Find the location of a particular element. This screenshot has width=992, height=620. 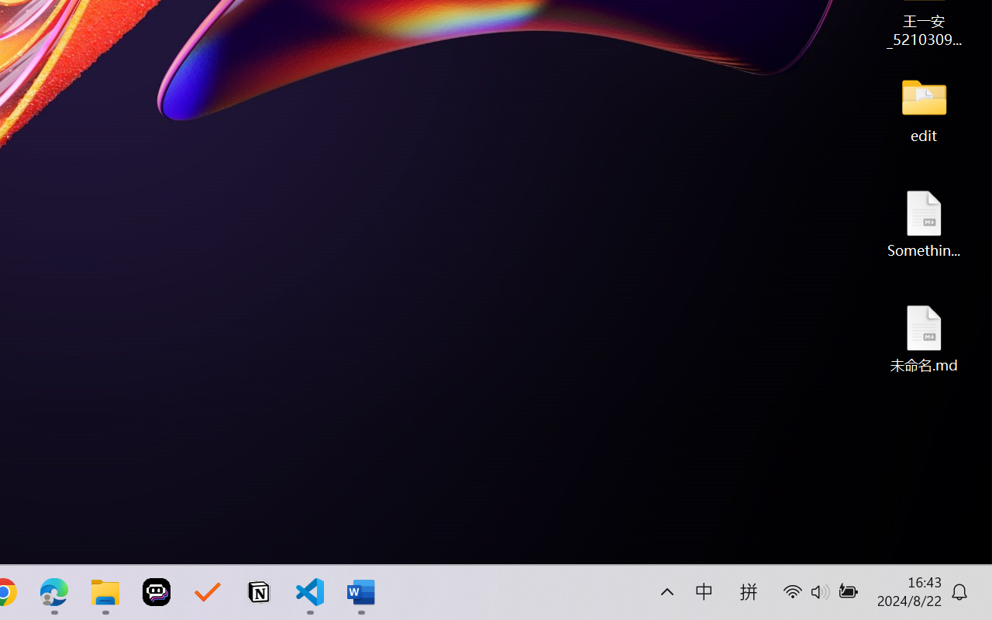

'edit' is located at coordinates (924, 108).